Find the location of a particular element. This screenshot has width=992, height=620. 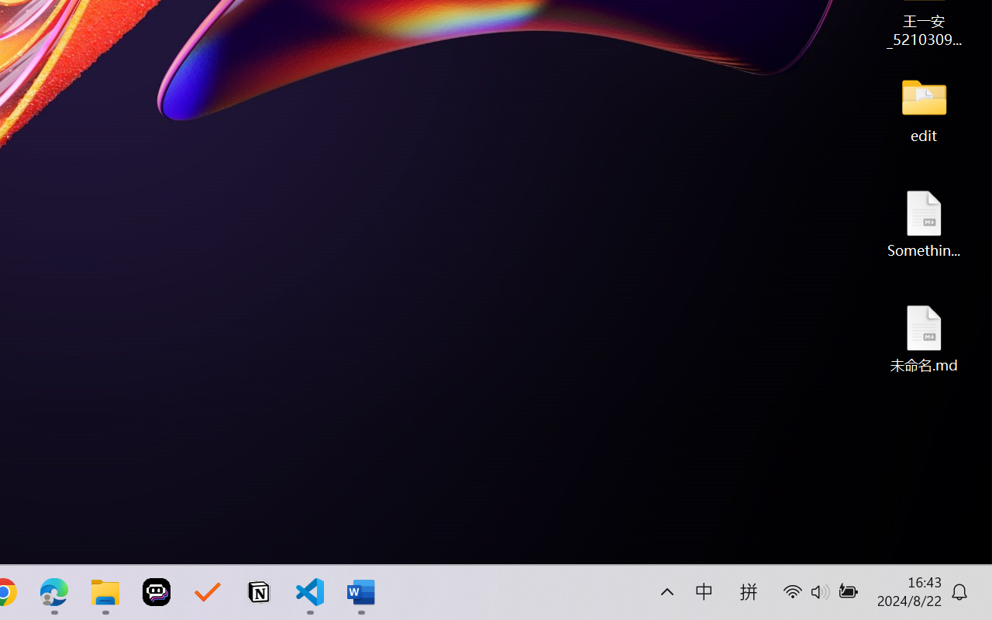

'edit' is located at coordinates (924, 108).